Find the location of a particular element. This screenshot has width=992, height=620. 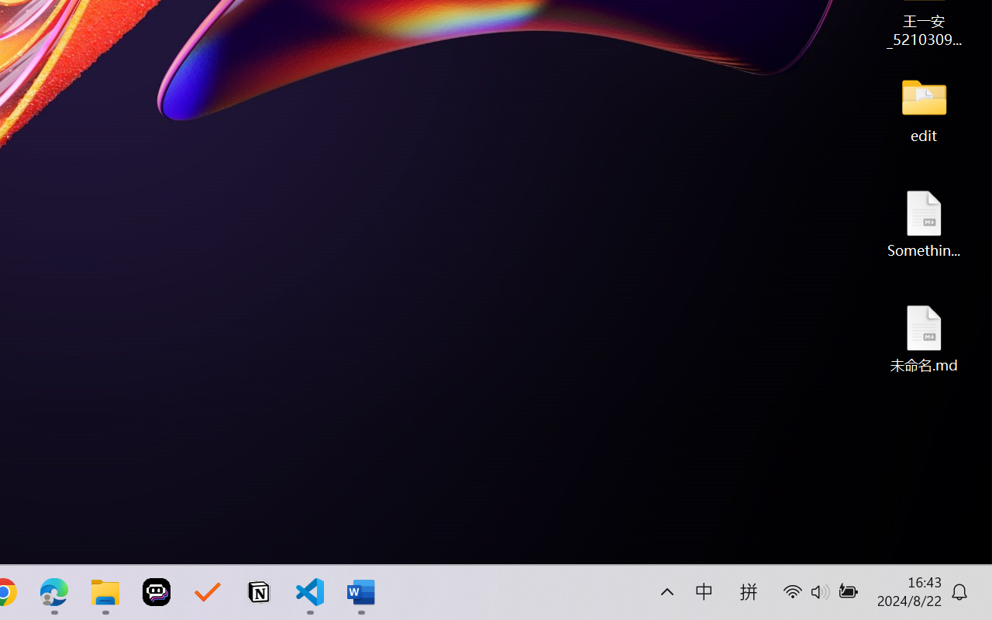

'edit' is located at coordinates (924, 108).